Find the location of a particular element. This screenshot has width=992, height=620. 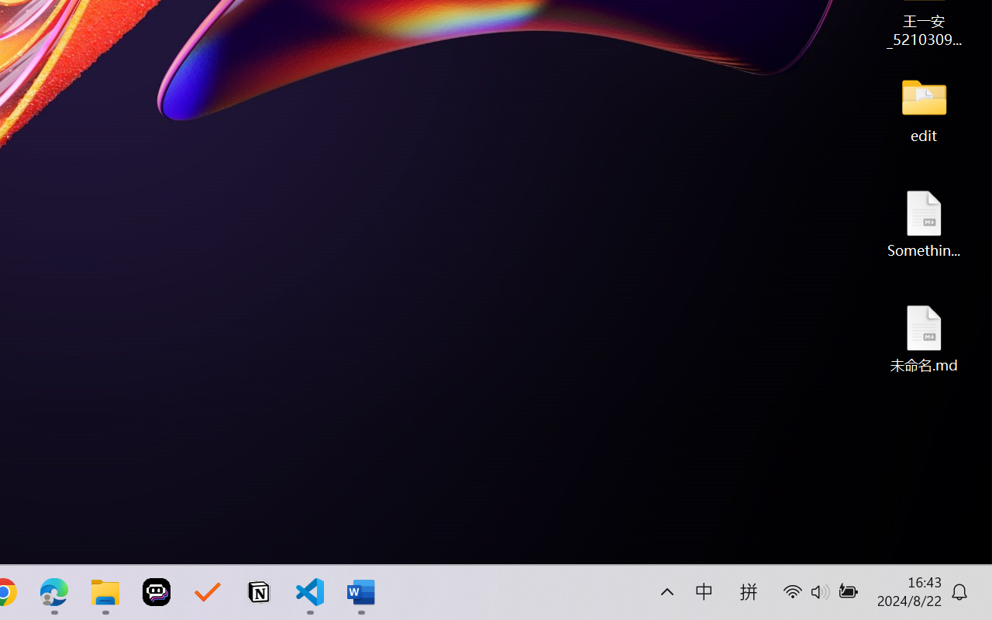

'edit' is located at coordinates (924, 108).